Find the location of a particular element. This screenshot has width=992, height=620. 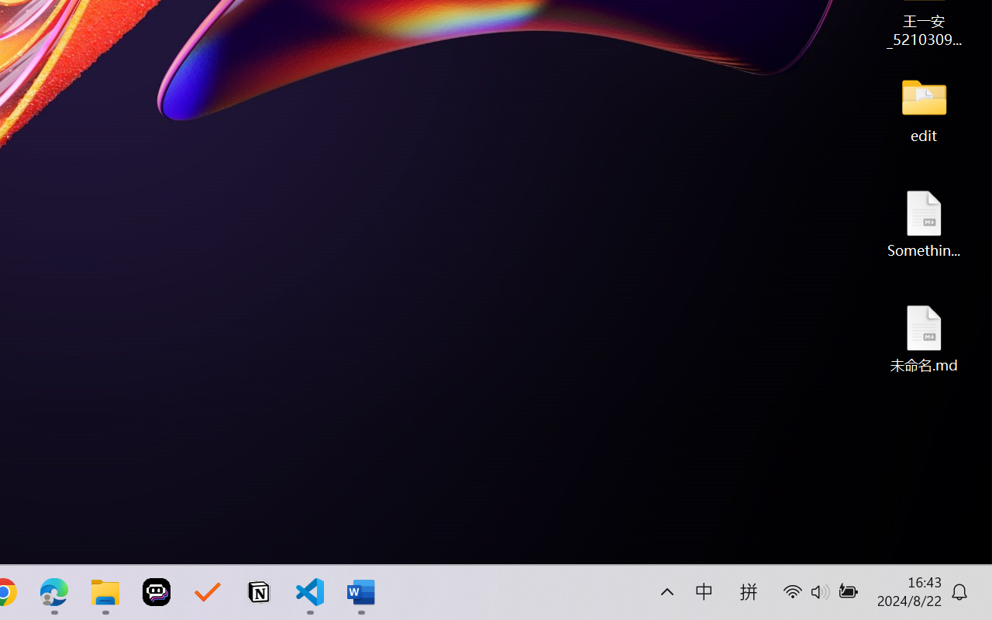

'edit' is located at coordinates (924, 108).